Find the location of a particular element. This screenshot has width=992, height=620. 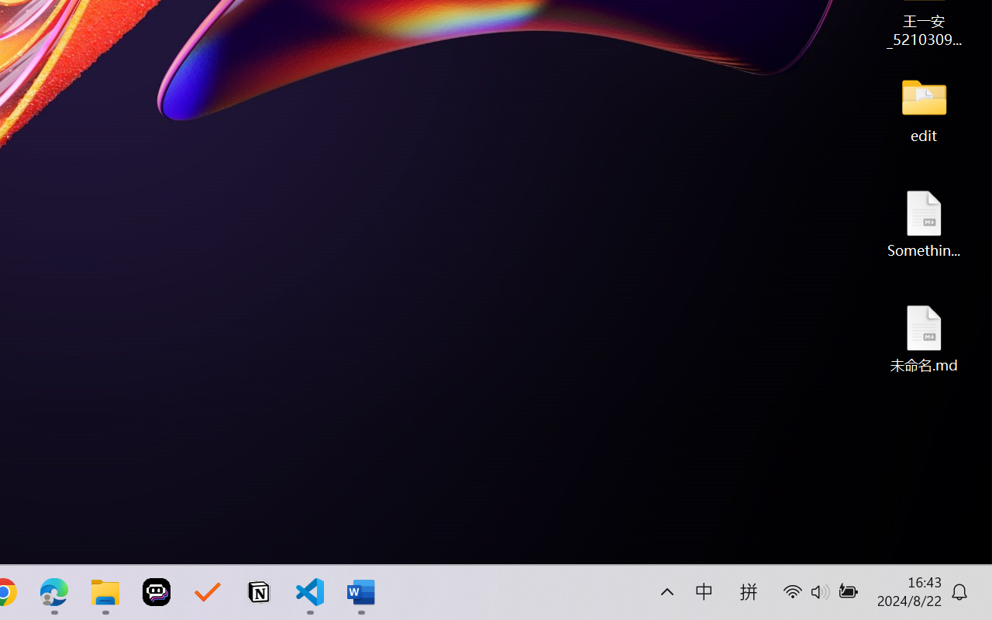

'edit' is located at coordinates (924, 108).